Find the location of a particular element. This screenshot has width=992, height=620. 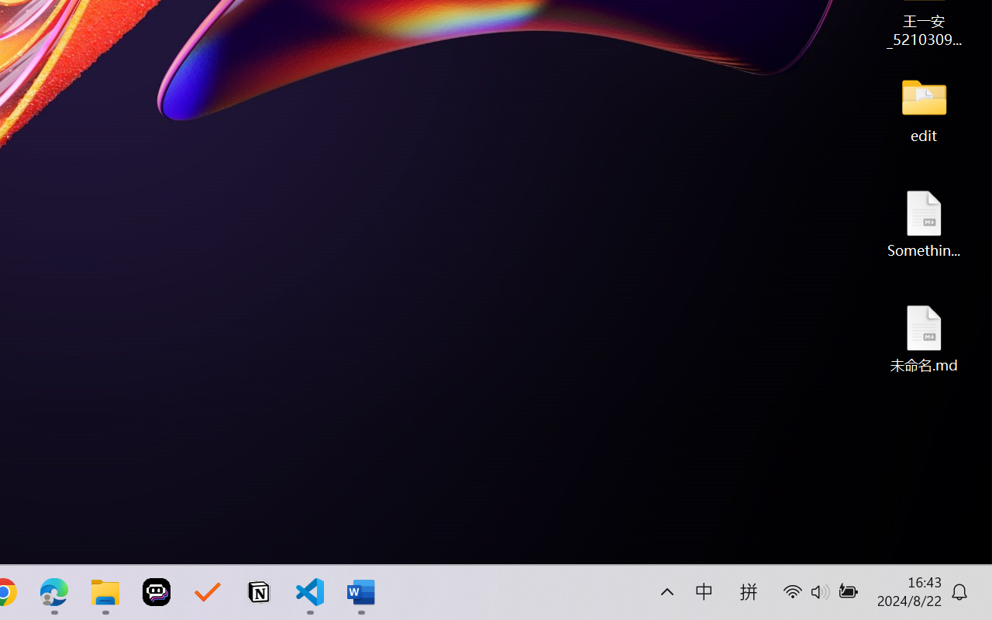

'edit' is located at coordinates (924, 108).